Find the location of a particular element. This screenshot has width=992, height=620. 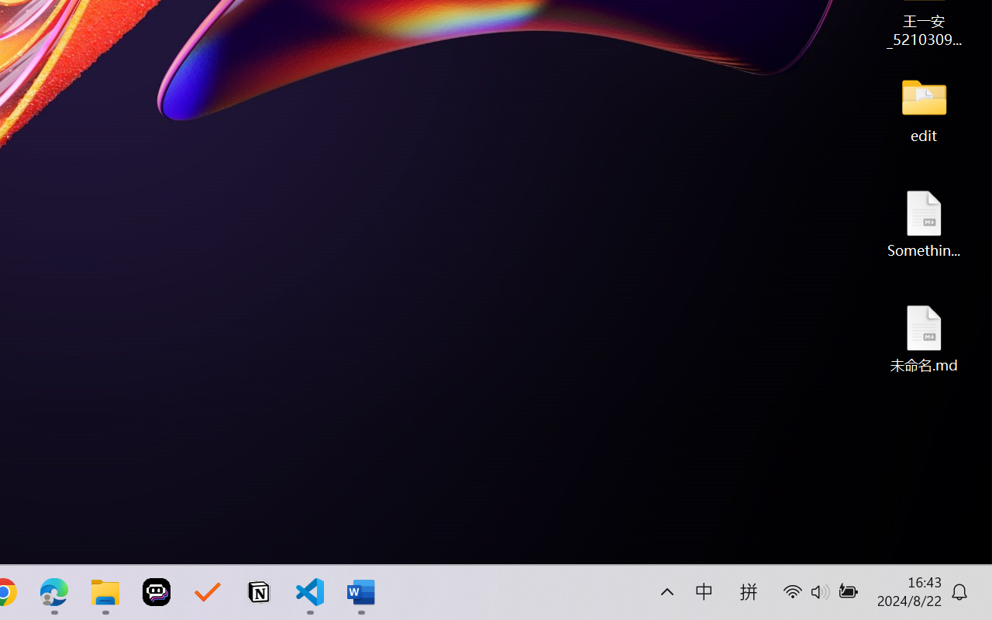

'edit' is located at coordinates (924, 108).